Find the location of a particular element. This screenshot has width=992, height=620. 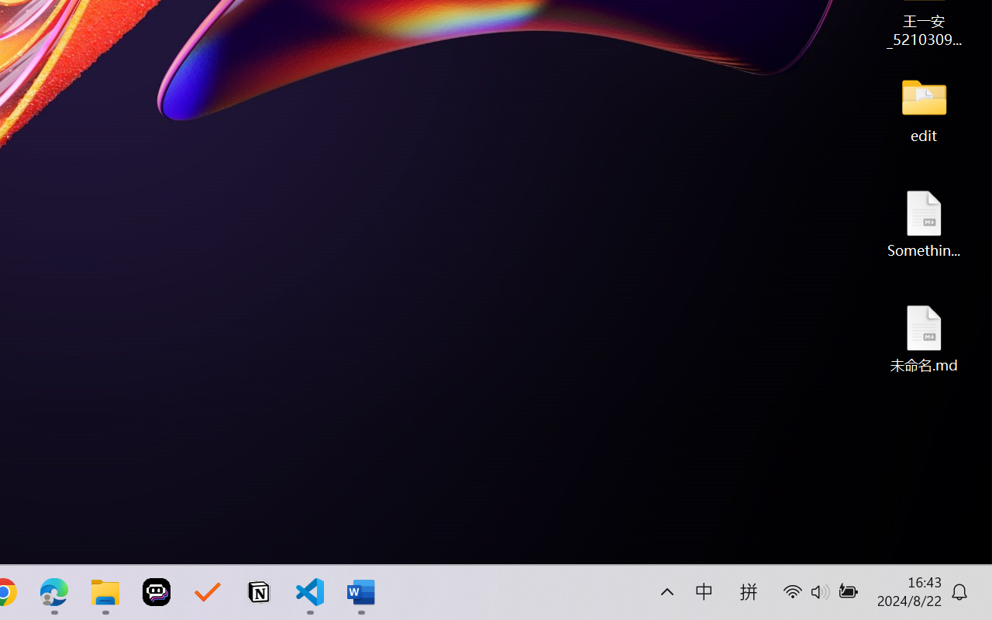

'edit' is located at coordinates (924, 108).